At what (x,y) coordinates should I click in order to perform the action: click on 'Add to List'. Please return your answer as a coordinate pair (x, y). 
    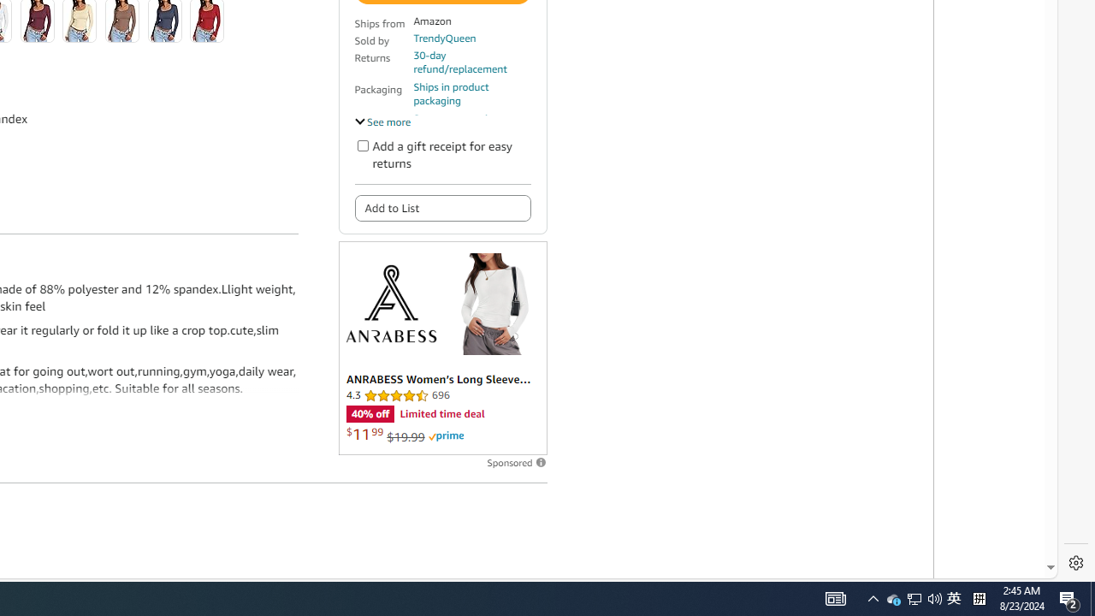
    Looking at the image, I should click on (442, 207).